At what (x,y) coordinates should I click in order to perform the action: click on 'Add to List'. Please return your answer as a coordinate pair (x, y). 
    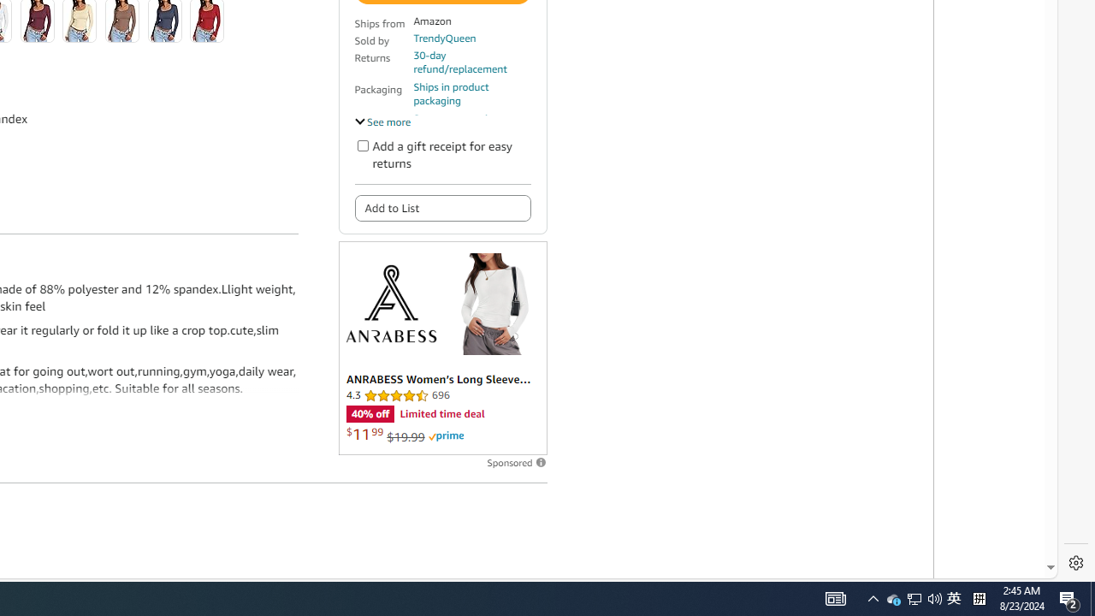
    Looking at the image, I should click on (442, 207).